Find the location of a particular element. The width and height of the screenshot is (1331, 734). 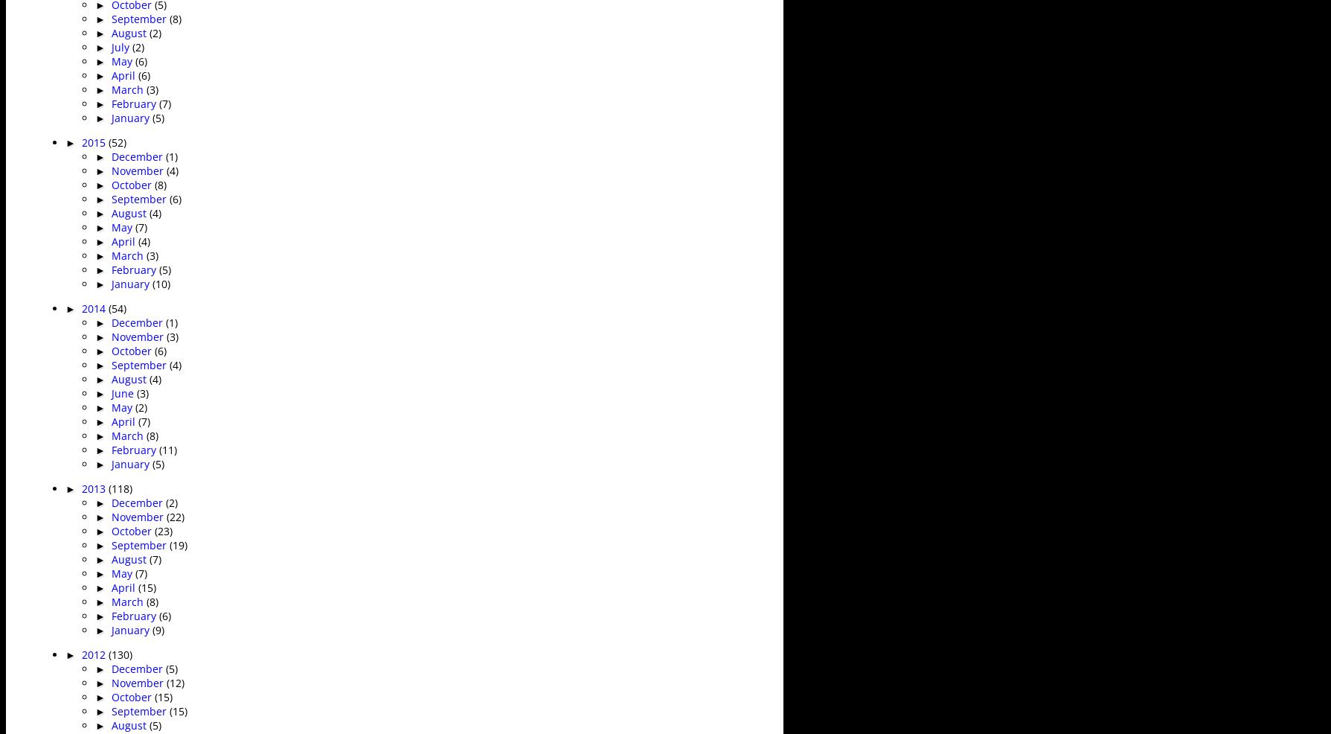

'(22)' is located at coordinates (175, 515).